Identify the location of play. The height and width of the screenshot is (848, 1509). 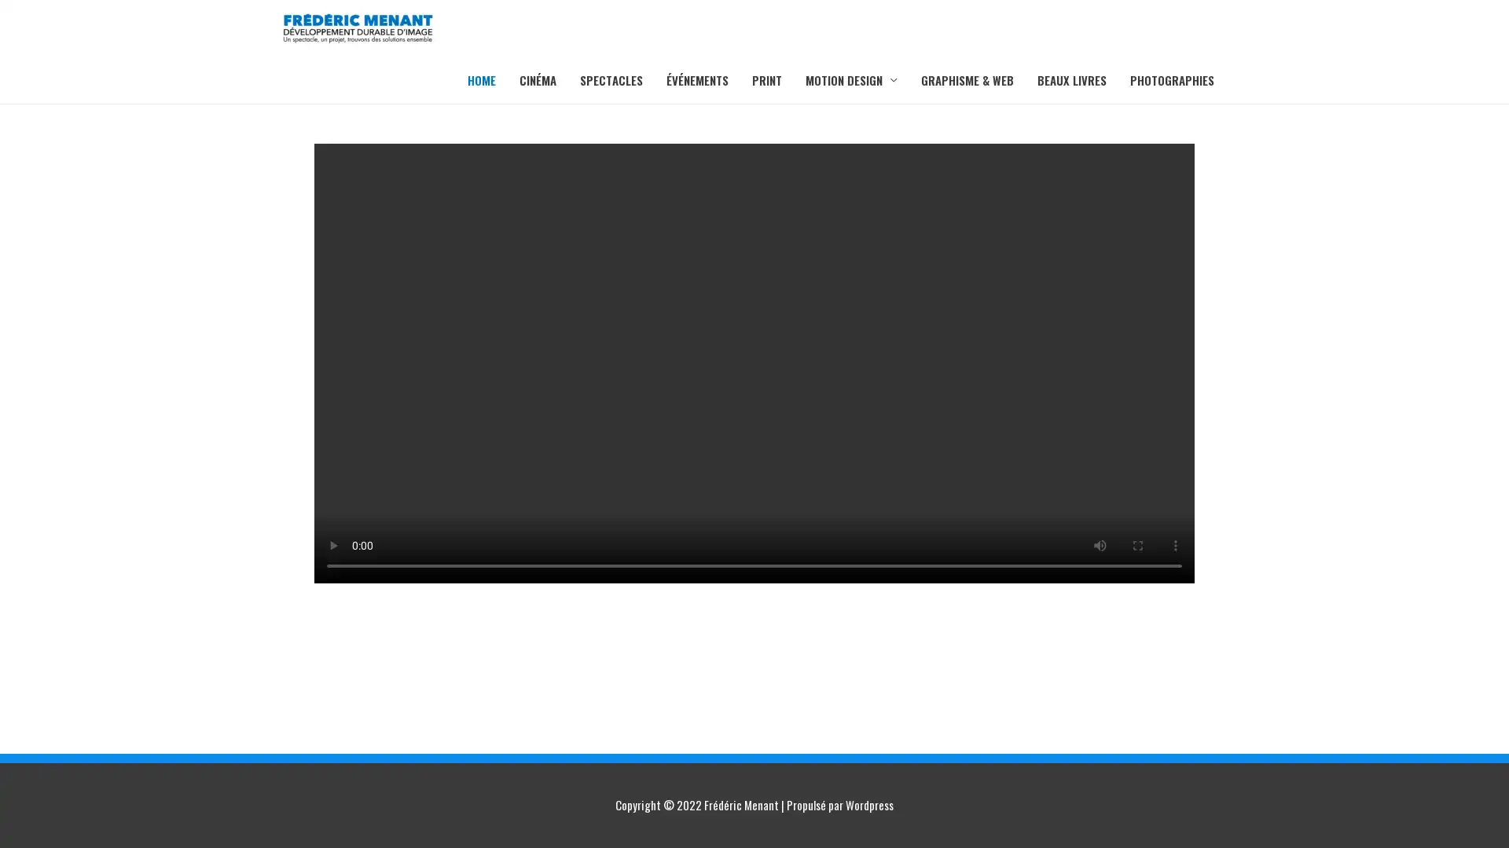
(332, 544).